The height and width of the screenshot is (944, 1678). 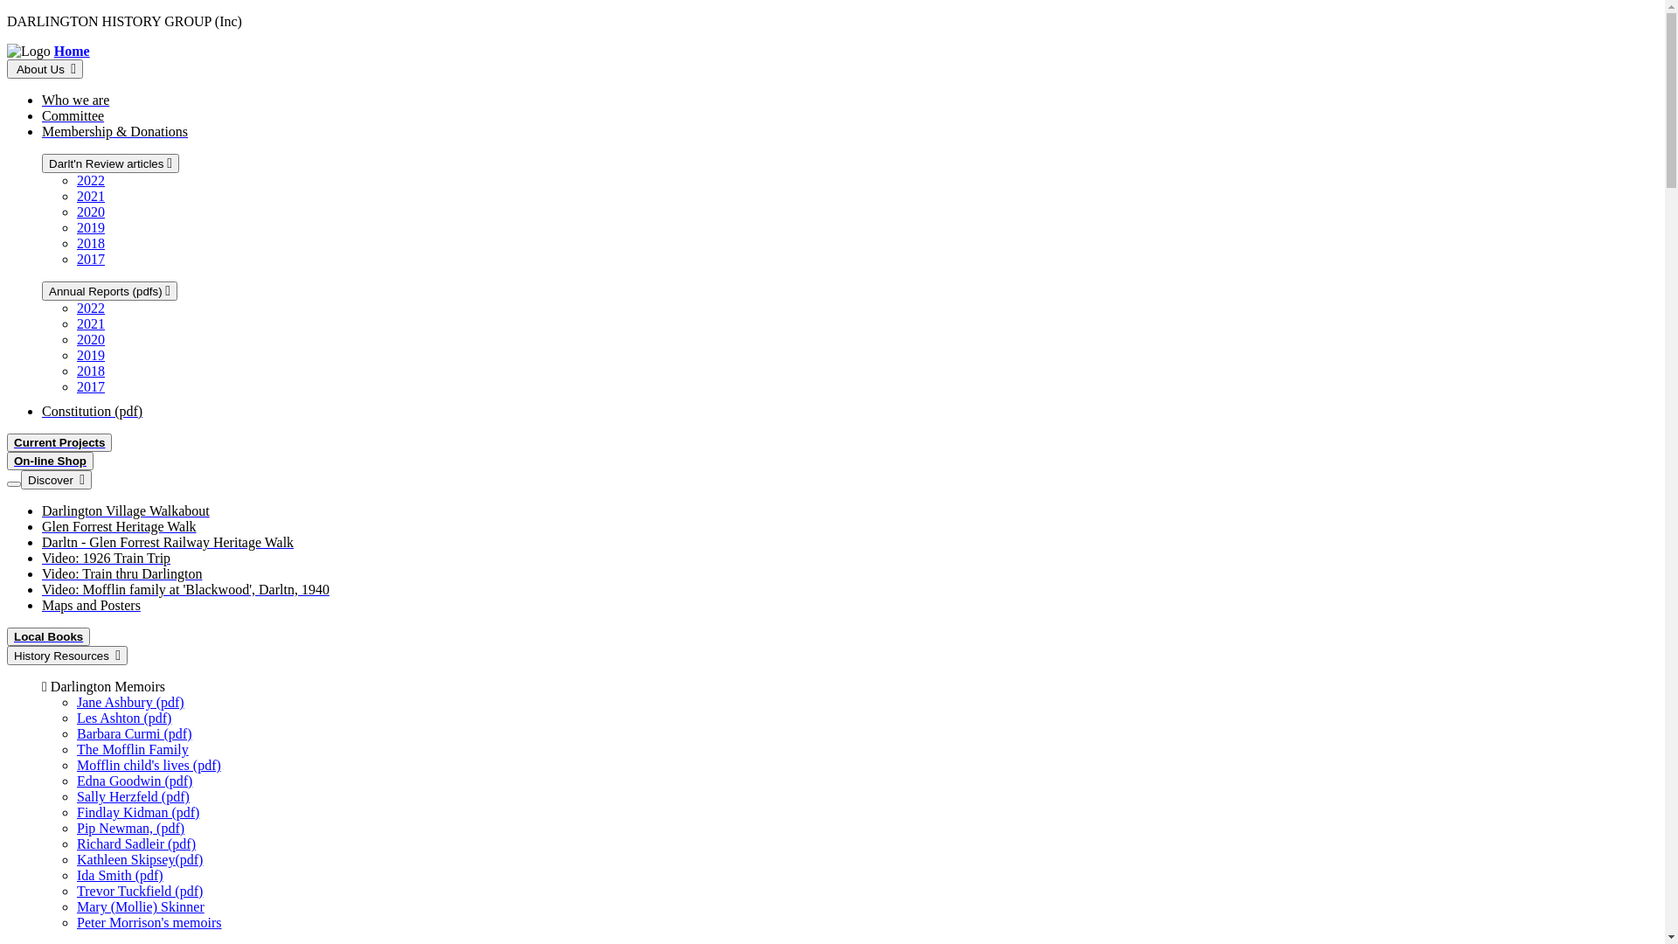 What do you see at coordinates (75, 748) in the screenshot?
I see `'The Mofflin Family'` at bounding box center [75, 748].